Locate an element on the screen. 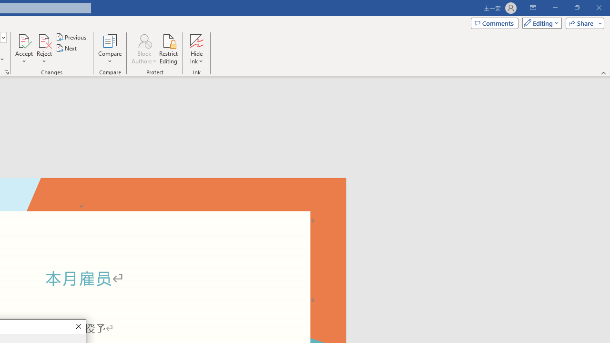 The width and height of the screenshot is (610, 343). 'Compare' is located at coordinates (110, 49).